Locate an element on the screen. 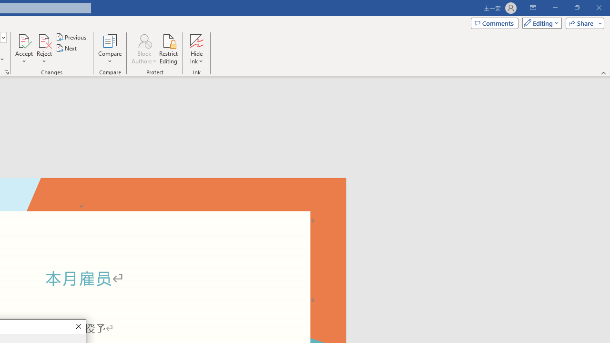 The width and height of the screenshot is (610, 343). 'Compare' is located at coordinates (110, 49).